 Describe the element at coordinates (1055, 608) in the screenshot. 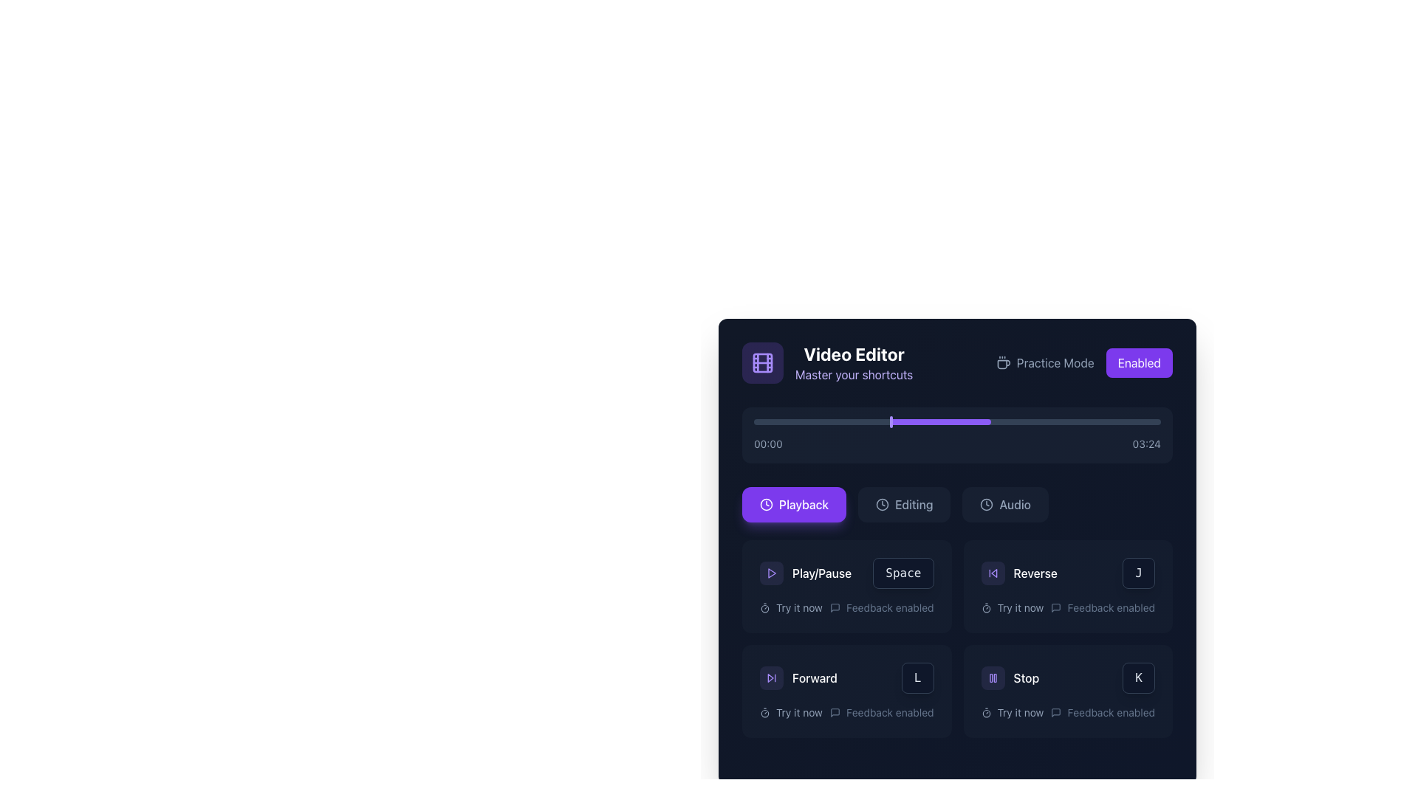

I see `the small chat bubble icon styled in minimalistic outline design, which is located to the left of the text labeled 'Feedback enabled' under the 'Reverse' section` at that location.